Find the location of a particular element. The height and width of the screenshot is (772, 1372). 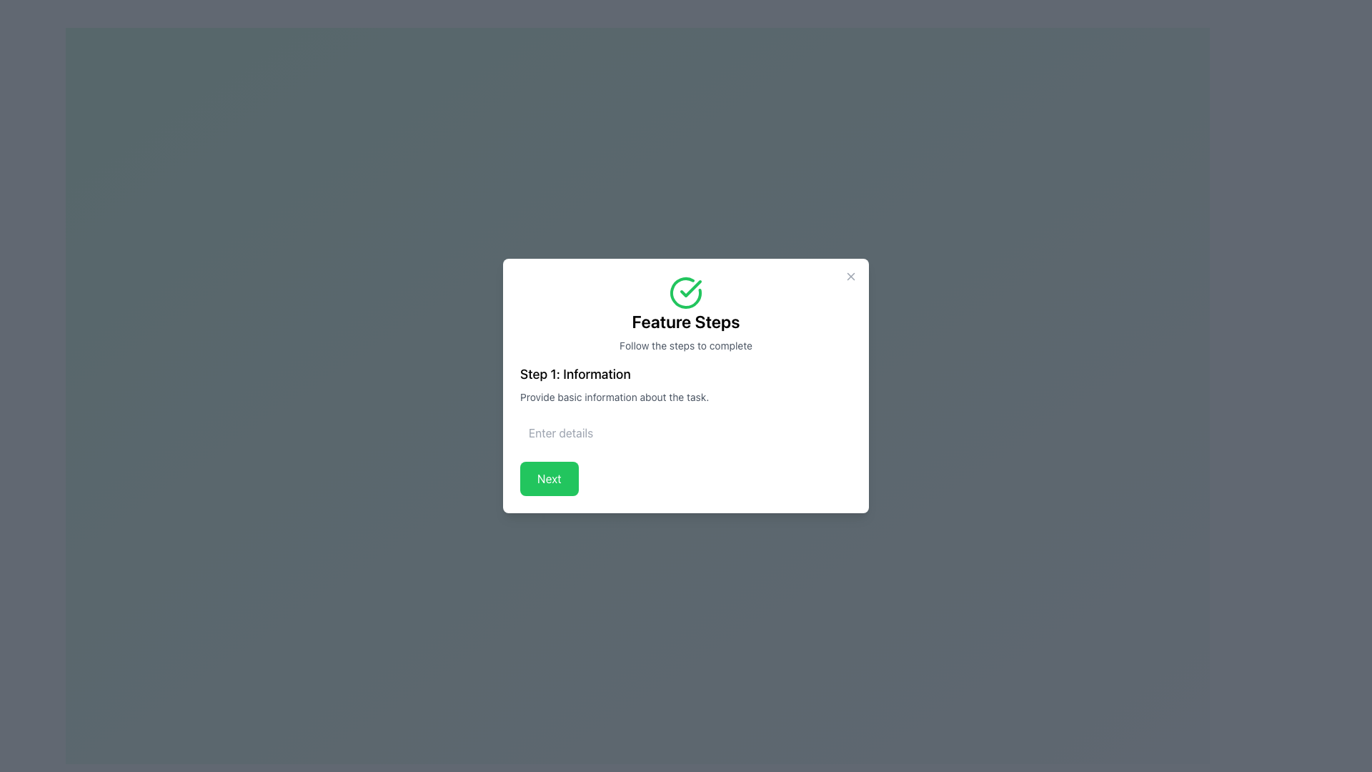

the small, square button with a red 'X' icon located at the top-right corner of the modal to trigger the color change effect is located at coordinates (850, 276).